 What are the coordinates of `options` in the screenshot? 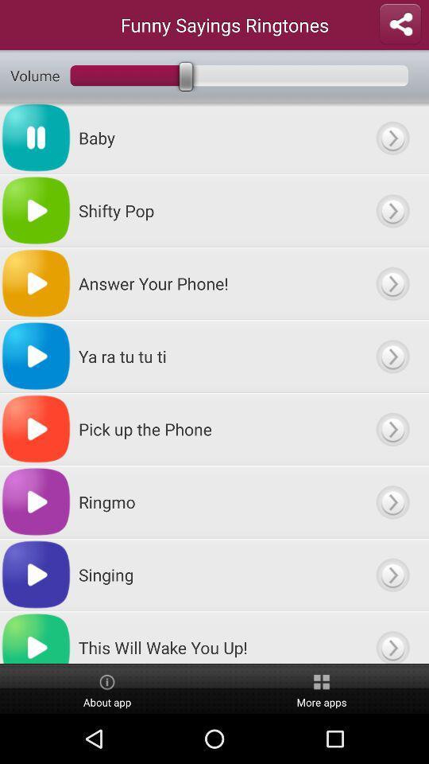 It's located at (392, 428).